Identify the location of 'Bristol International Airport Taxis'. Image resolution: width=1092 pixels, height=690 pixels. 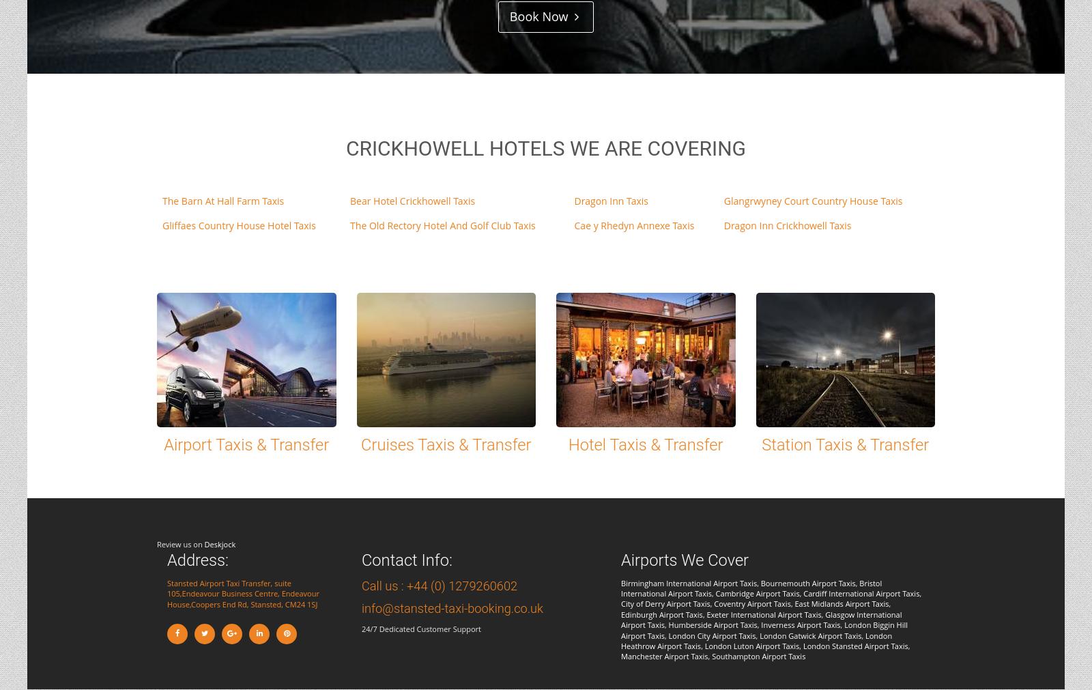
(620, 587).